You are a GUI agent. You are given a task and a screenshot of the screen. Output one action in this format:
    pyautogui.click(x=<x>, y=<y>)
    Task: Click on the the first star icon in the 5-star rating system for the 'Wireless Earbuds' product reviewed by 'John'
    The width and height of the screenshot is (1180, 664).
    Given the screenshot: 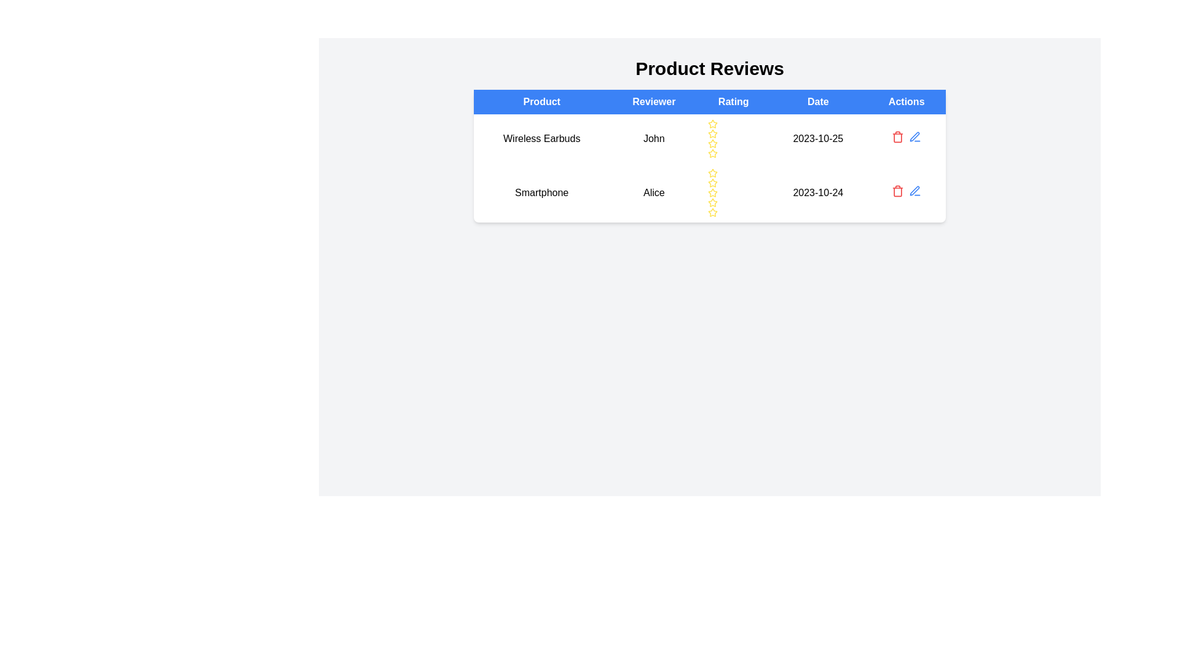 What is the action you would take?
    pyautogui.click(x=713, y=133)
    